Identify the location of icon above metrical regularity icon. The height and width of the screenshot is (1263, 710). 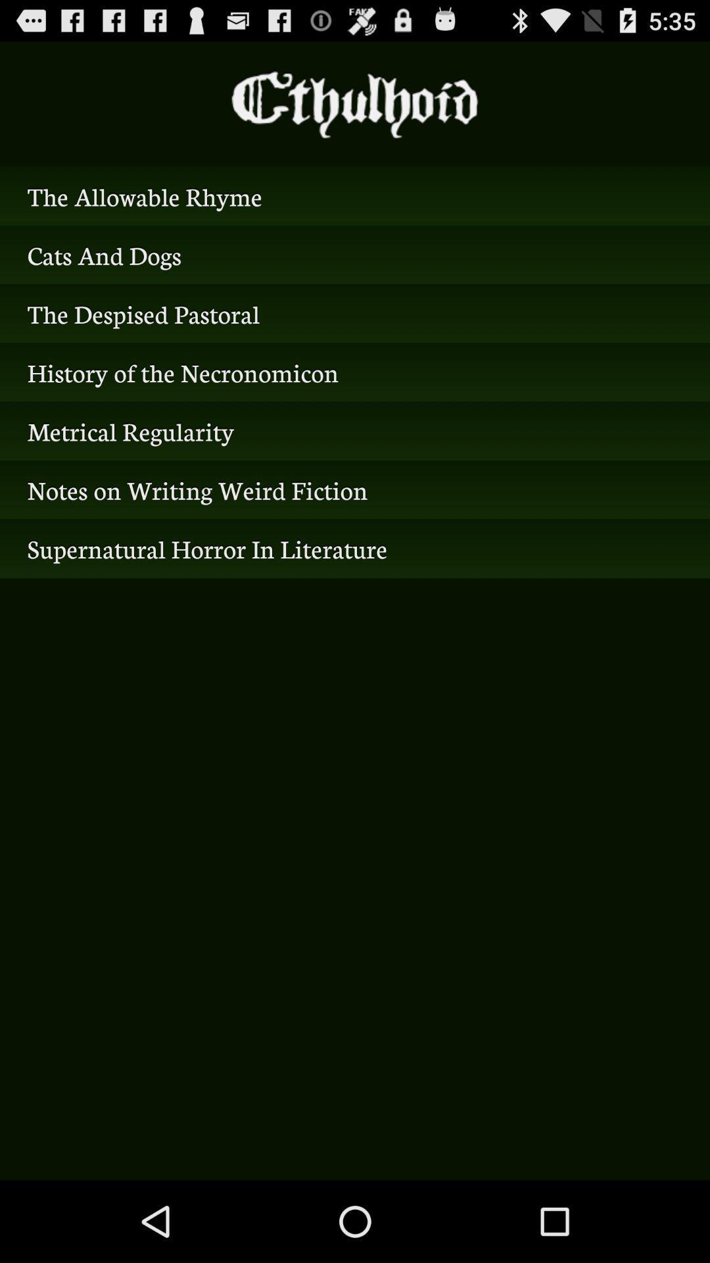
(355, 372).